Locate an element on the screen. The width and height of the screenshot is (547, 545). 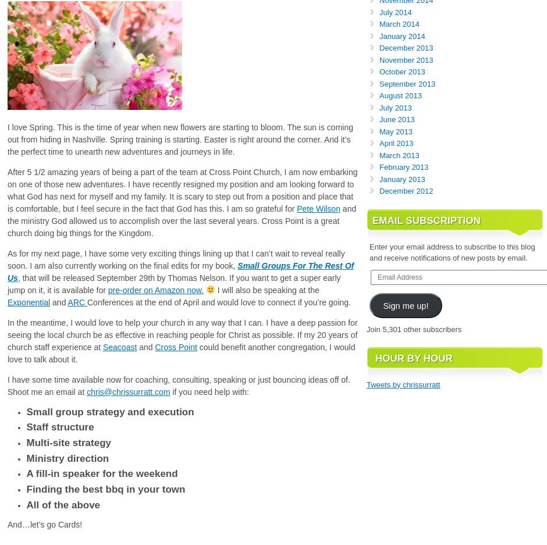
'Tweets by chrissurratt' is located at coordinates (366, 383).